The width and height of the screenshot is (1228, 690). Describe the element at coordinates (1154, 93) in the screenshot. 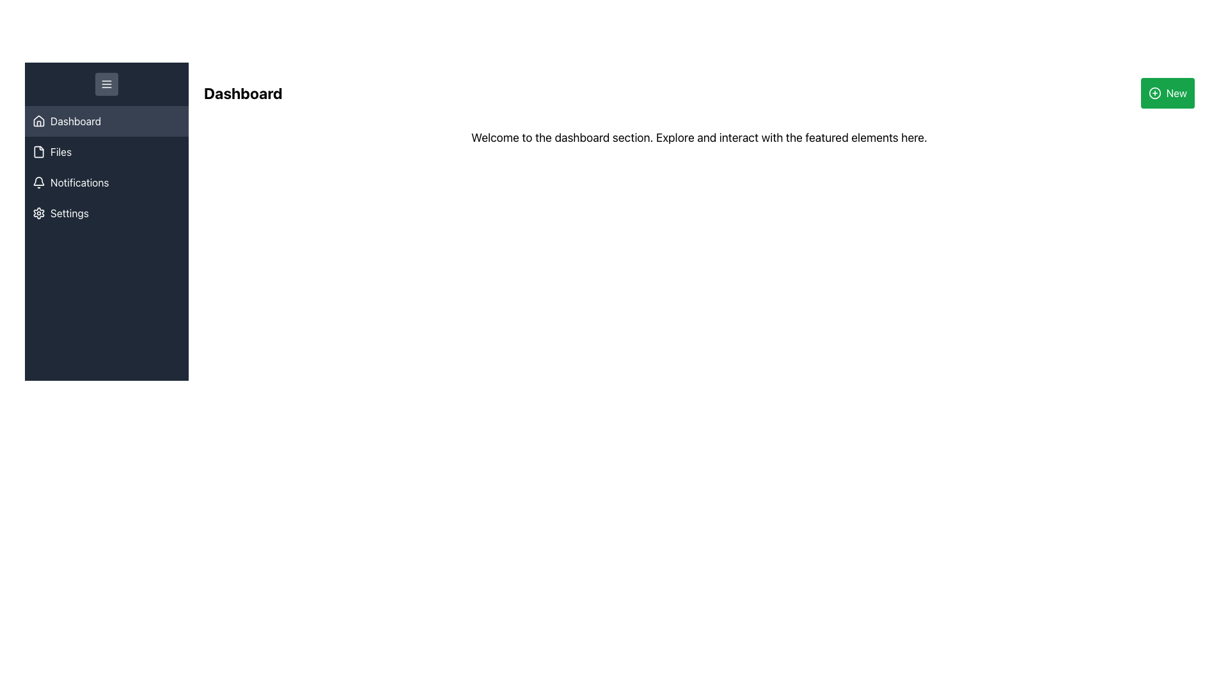

I see `the Icon that indicates the creation of a new item, which is located inside the green 'New' button in the top-right corner of the interface` at that location.